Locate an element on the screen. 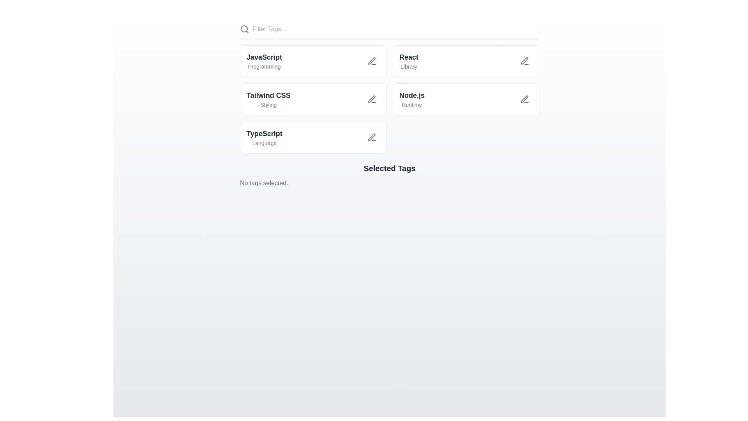 The image size is (748, 421). the Icon button located in the upper portion of the interface is located at coordinates (371, 60).